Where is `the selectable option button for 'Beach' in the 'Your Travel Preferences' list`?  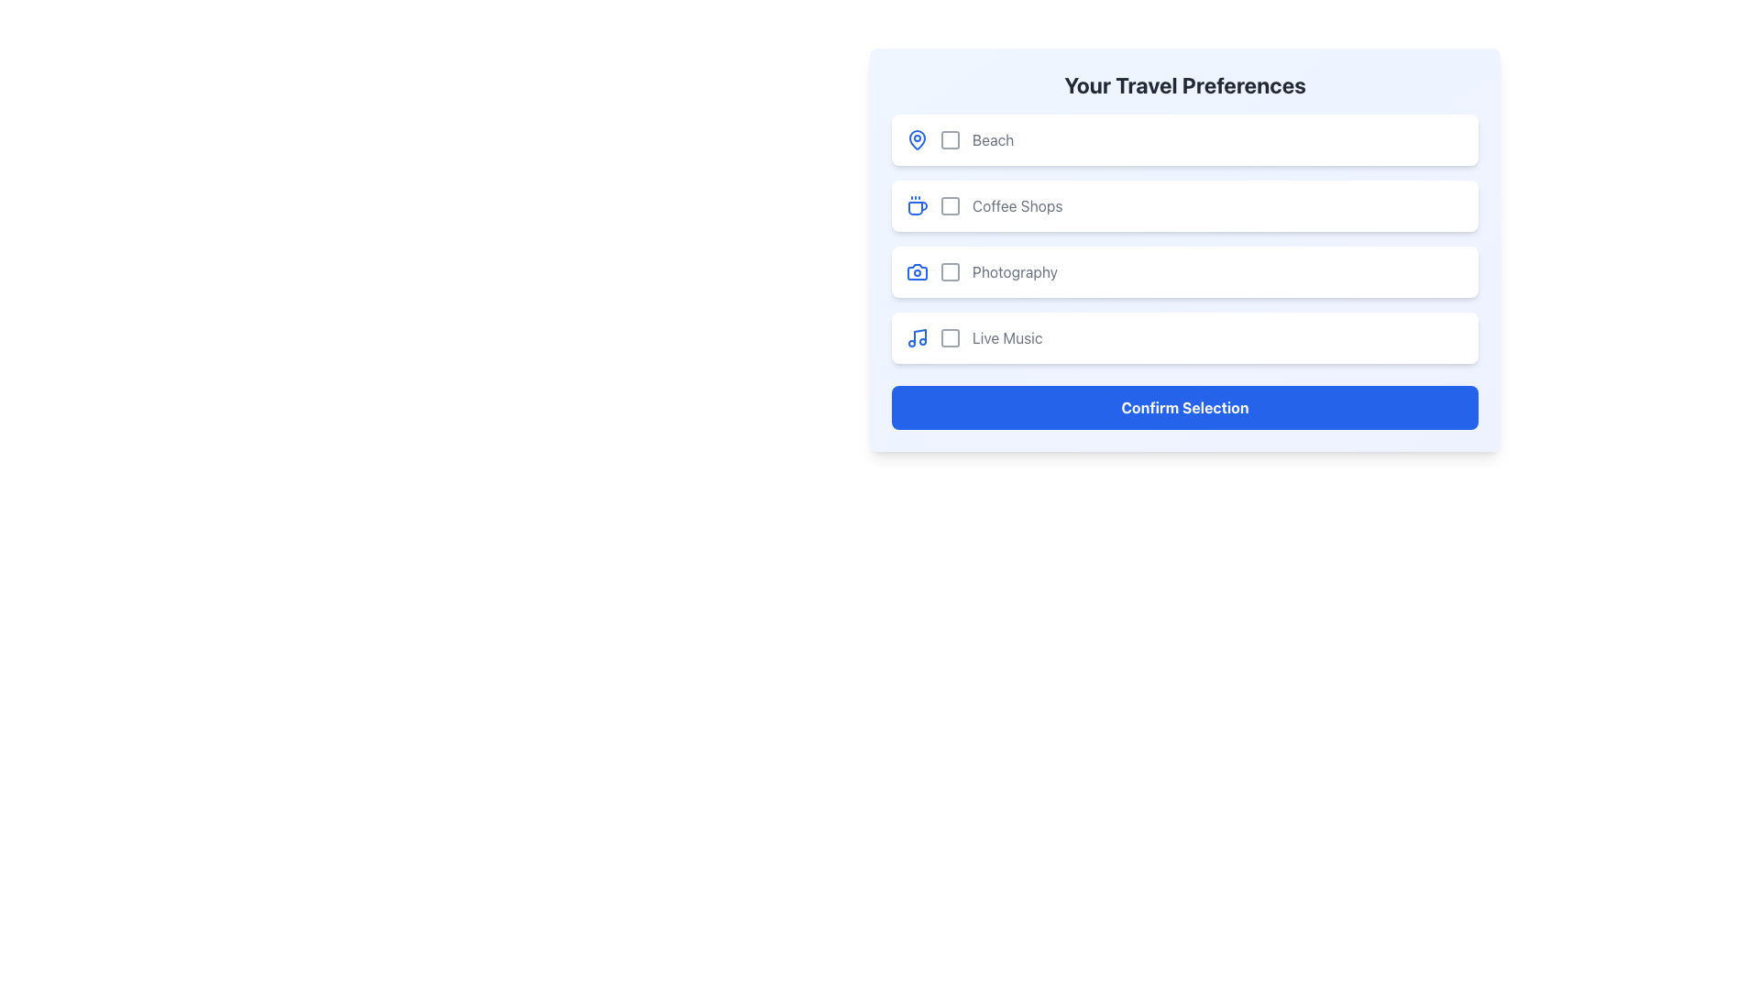 the selectable option button for 'Beach' in the 'Your Travel Preferences' list is located at coordinates (1184, 139).